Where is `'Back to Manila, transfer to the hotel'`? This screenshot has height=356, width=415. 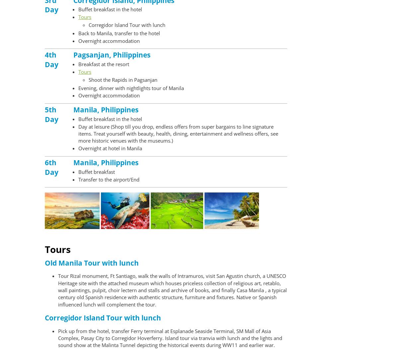
'Back to Manila, transfer to the hotel' is located at coordinates (119, 33).